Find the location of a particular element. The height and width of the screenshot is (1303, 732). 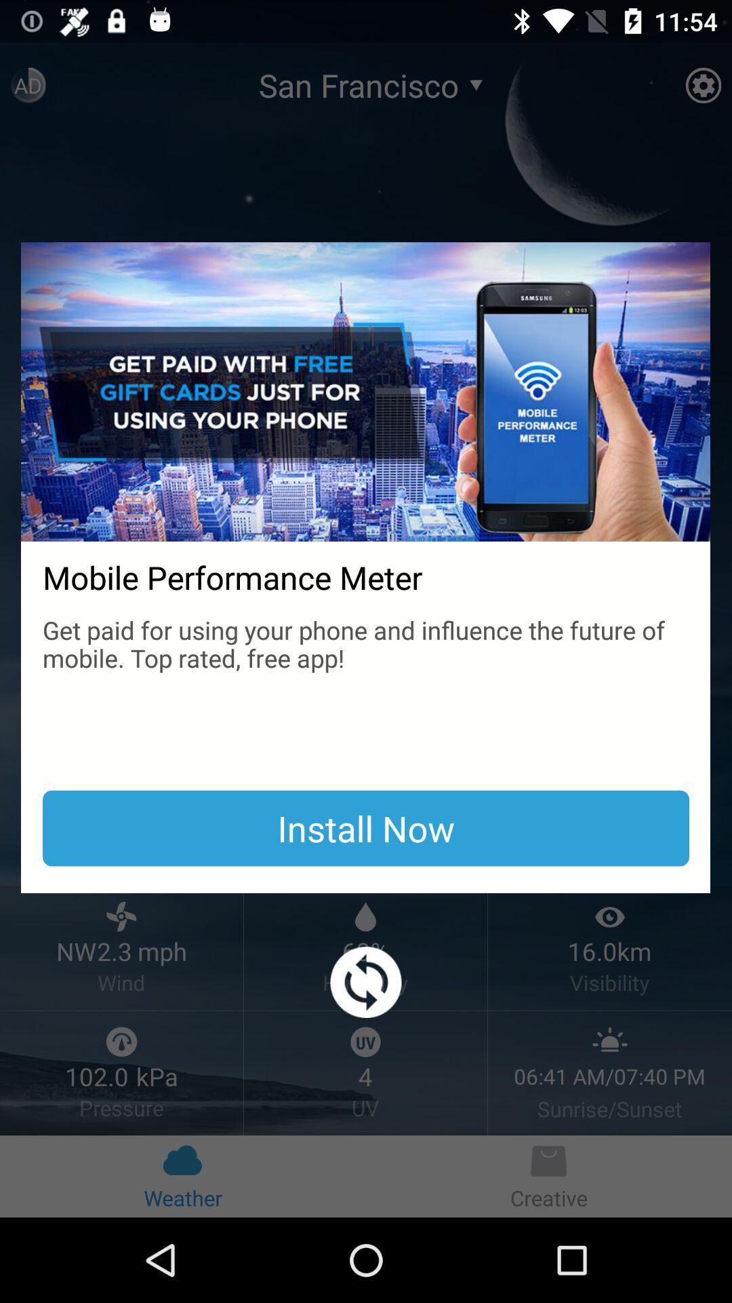

item below install now is located at coordinates (366, 982).